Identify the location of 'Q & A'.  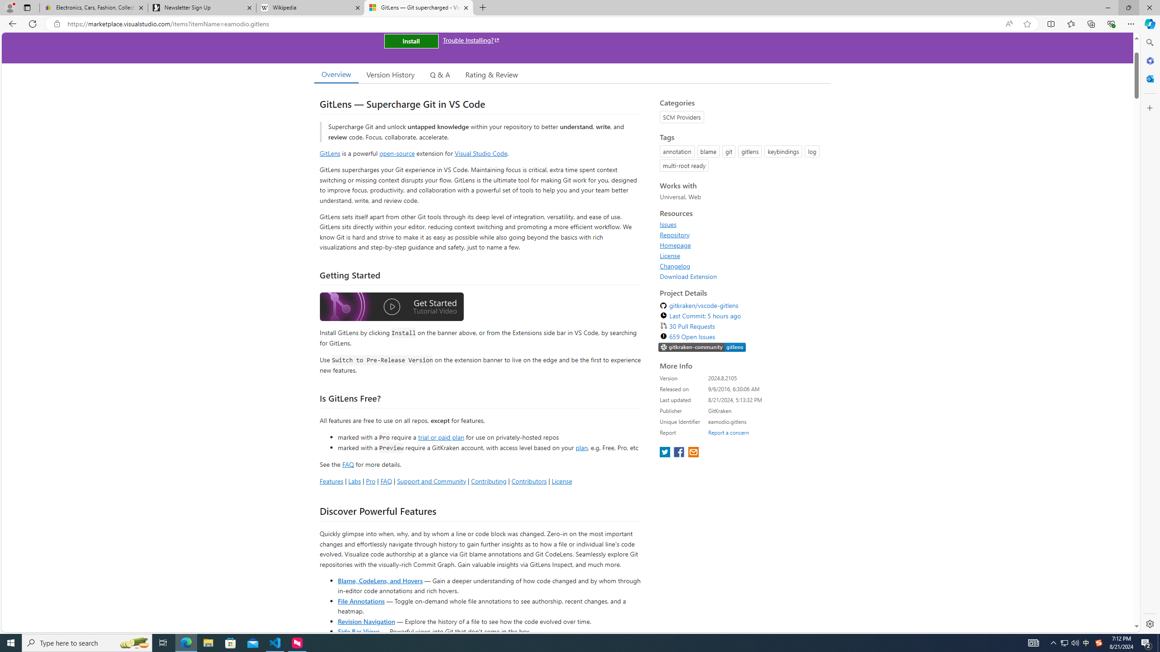
(440, 74).